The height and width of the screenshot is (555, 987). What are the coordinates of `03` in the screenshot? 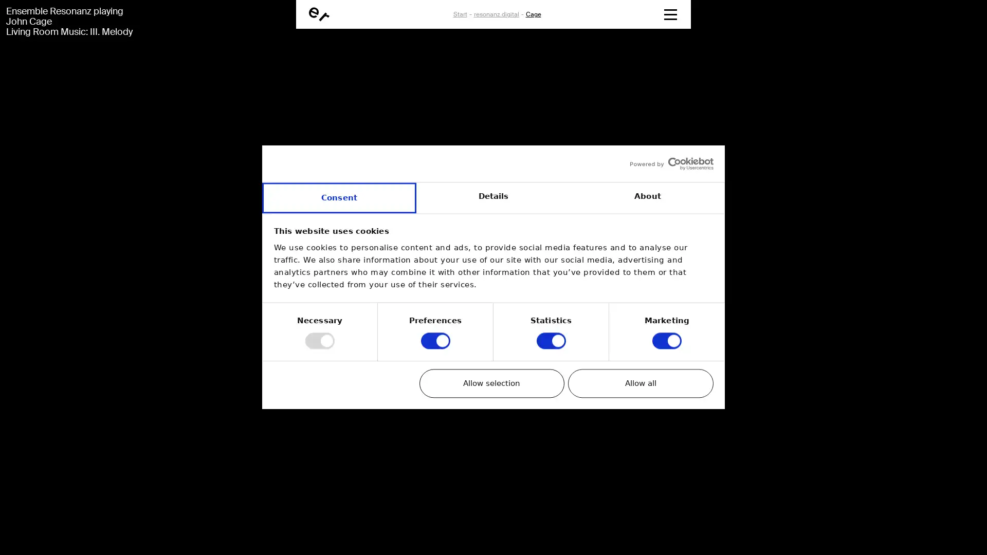 It's located at (206, 543).